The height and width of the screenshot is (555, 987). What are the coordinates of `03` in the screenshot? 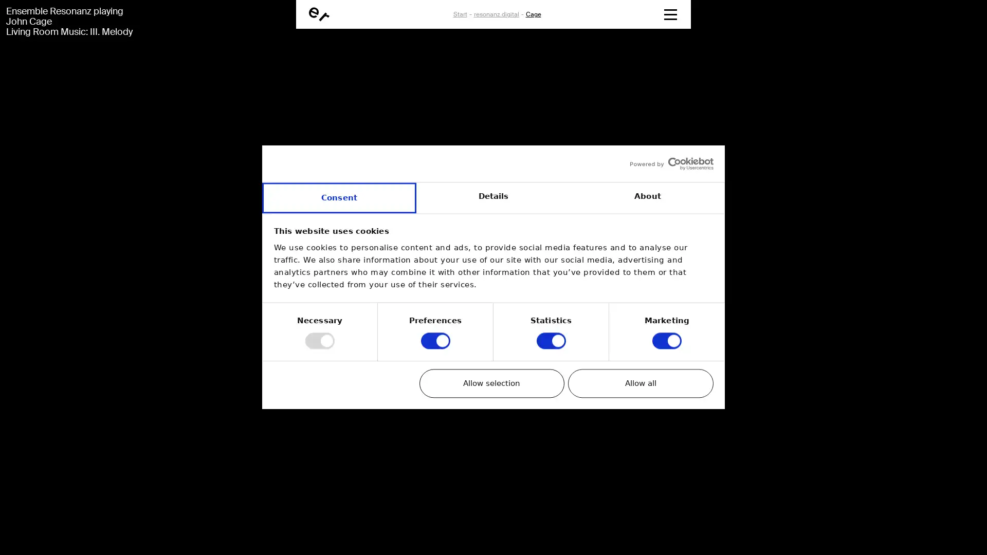 It's located at (206, 543).